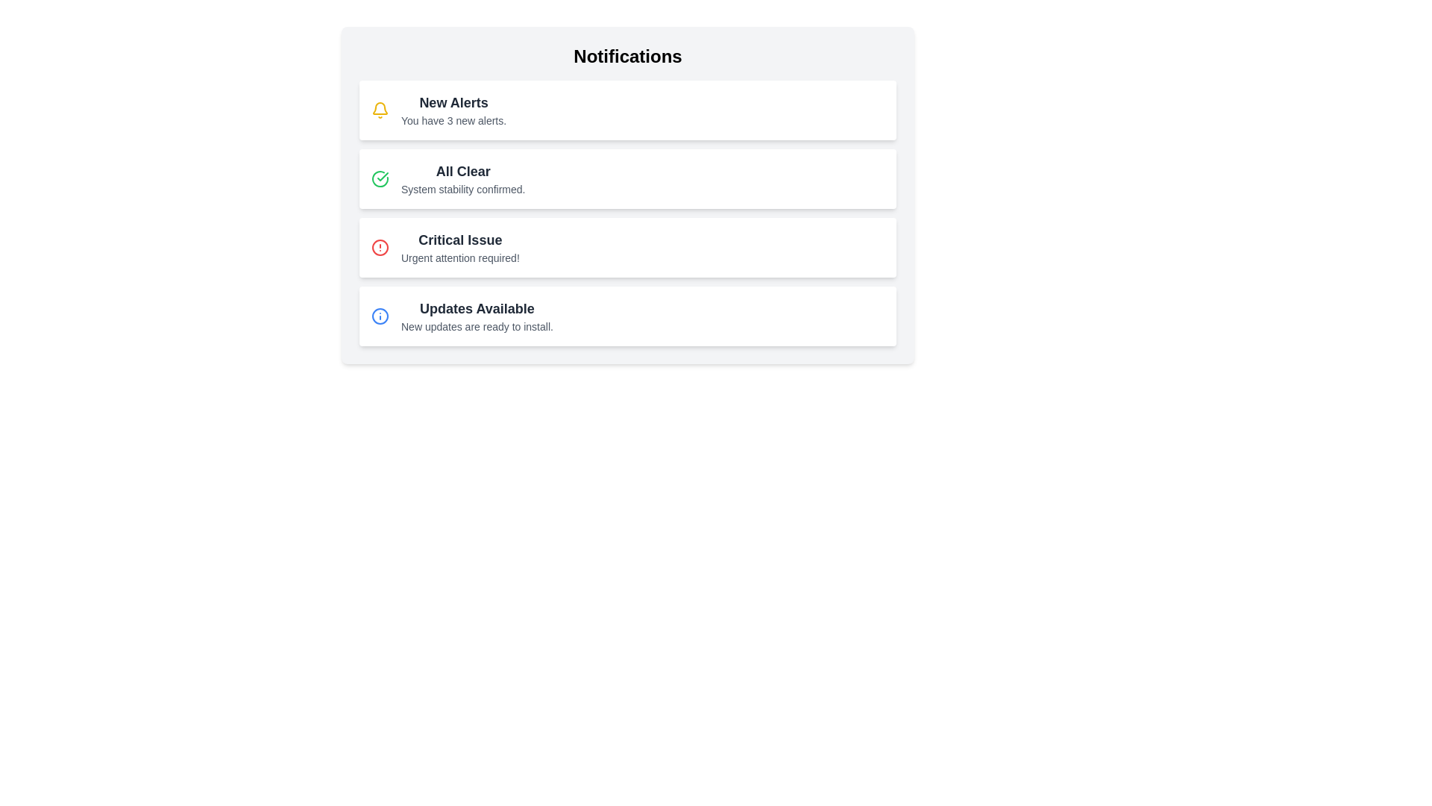  Describe the element at coordinates (627, 246) in the screenshot. I see `the third alert box in the vertical list, which indicates a critical issue requiring urgent attention` at that location.